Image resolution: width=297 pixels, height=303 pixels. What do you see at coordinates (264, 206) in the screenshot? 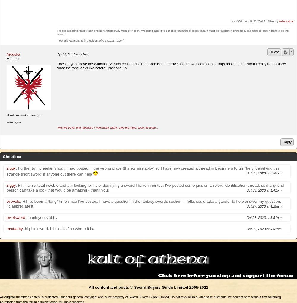
I see `'Oct 27, 2023 at 4:25am'` at bounding box center [264, 206].